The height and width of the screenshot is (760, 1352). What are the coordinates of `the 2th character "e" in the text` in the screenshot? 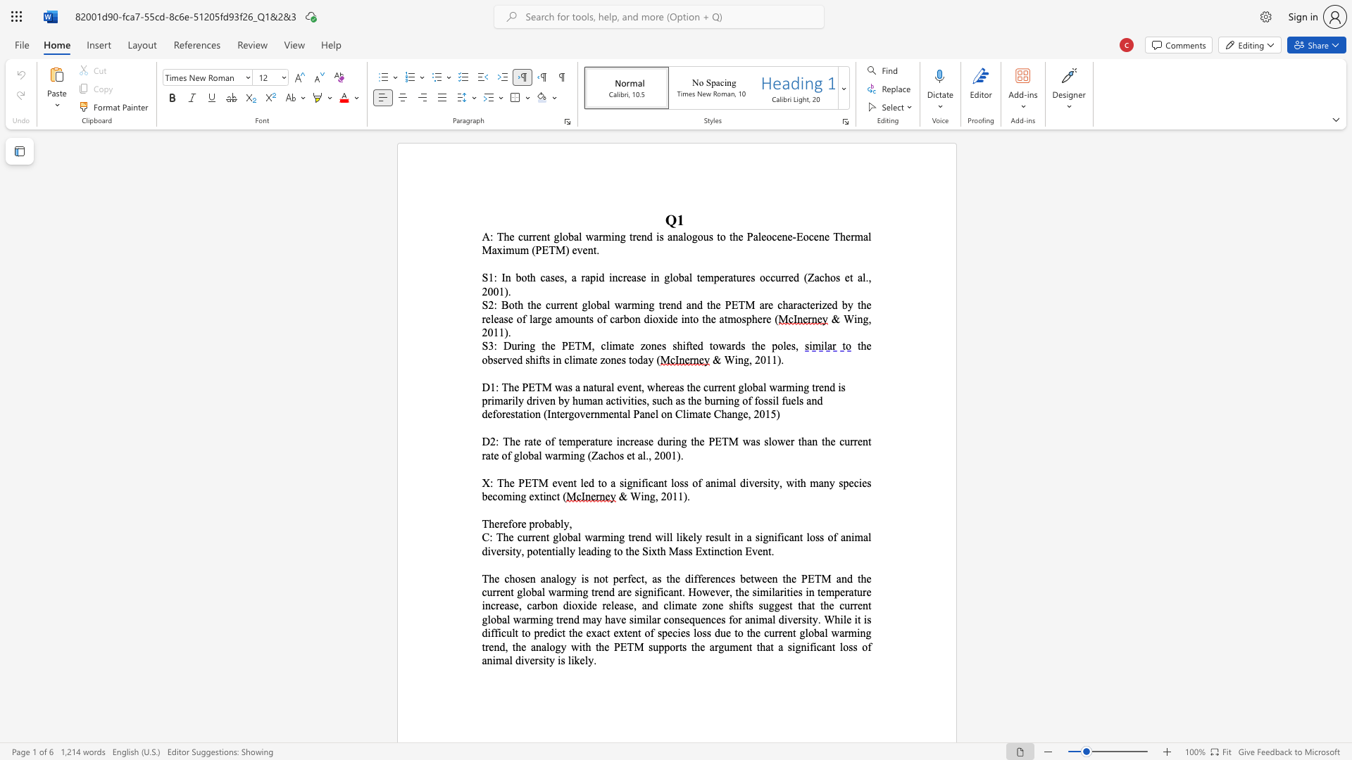 It's located at (538, 441).